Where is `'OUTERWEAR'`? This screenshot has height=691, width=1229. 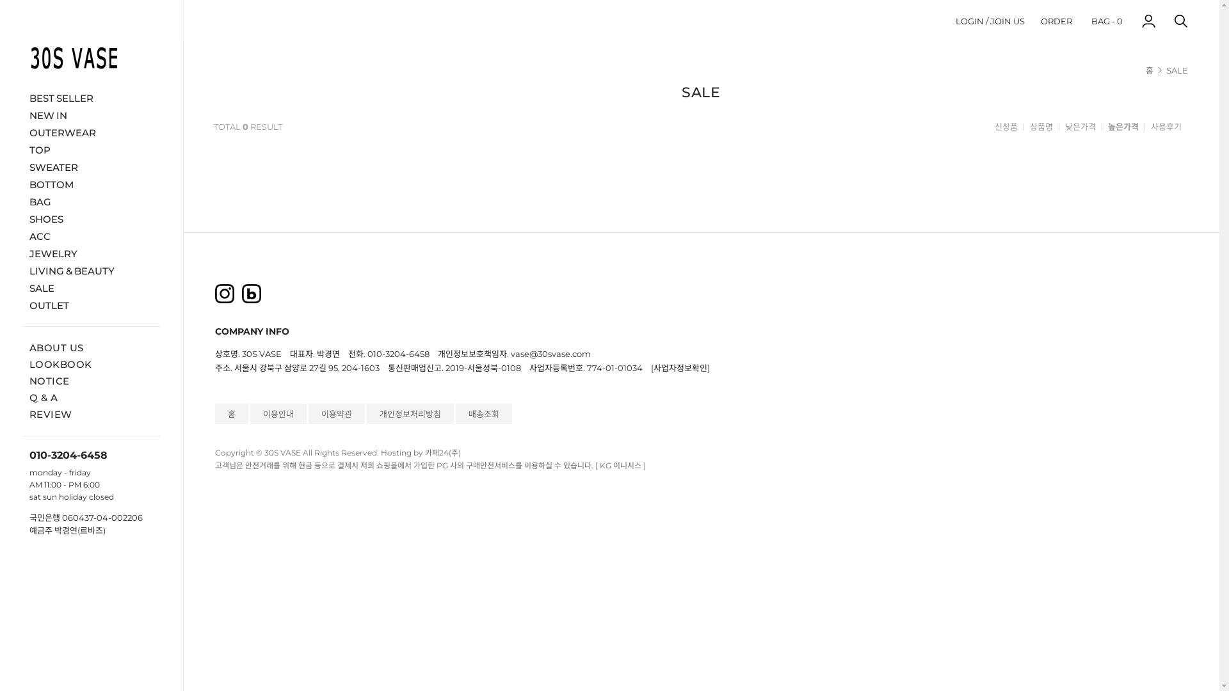 'OUTERWEAR' is located at coordinates (22, 132).